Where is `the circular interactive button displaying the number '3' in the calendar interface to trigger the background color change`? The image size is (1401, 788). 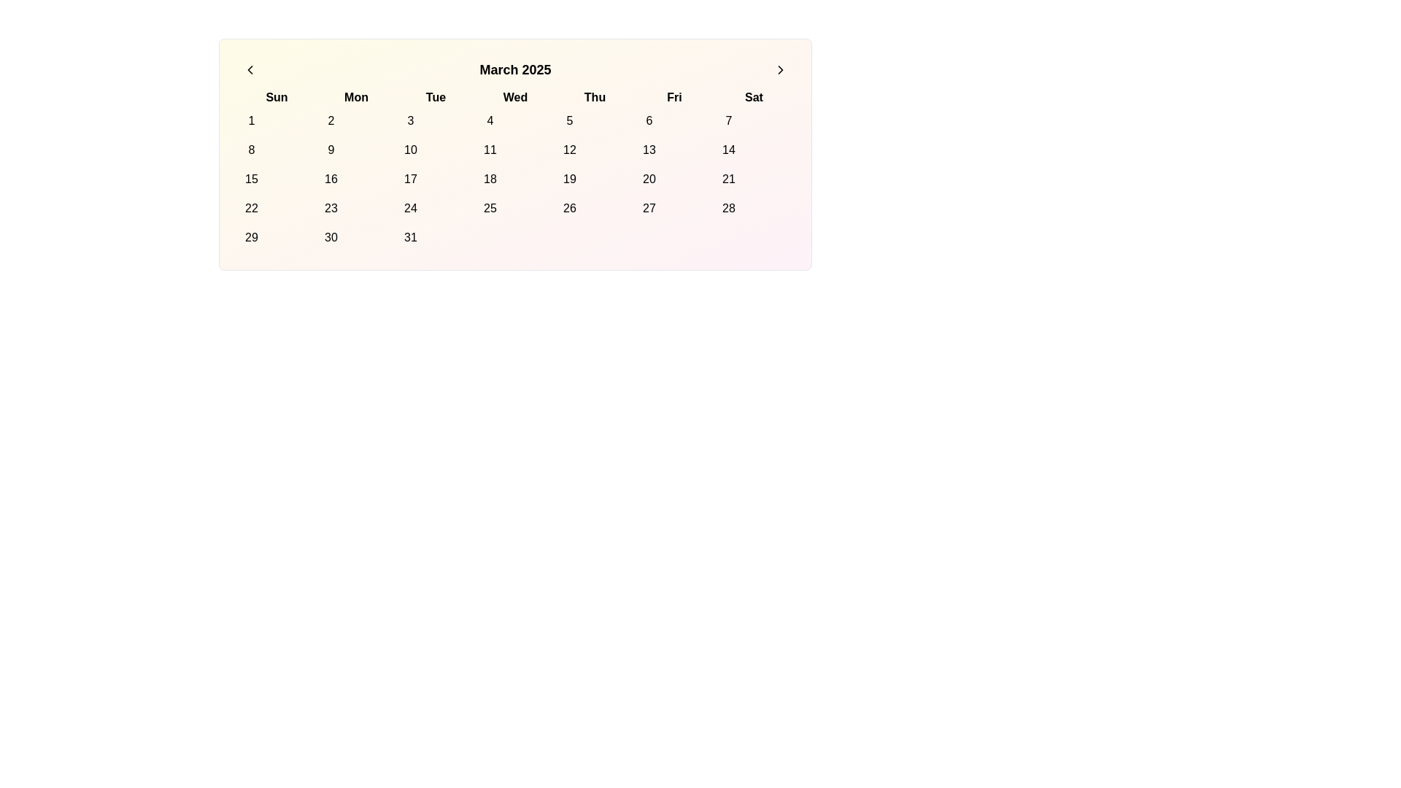 the circular interactive button displaying the number '3' in the calendar interface to trigger the background color change is located at coordinates (409, 120).